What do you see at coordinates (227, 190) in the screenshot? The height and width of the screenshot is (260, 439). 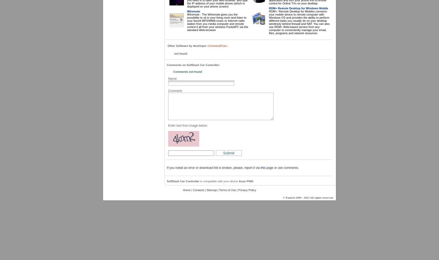 I see `'Terms of Use'` at bounding box center [227, 190].